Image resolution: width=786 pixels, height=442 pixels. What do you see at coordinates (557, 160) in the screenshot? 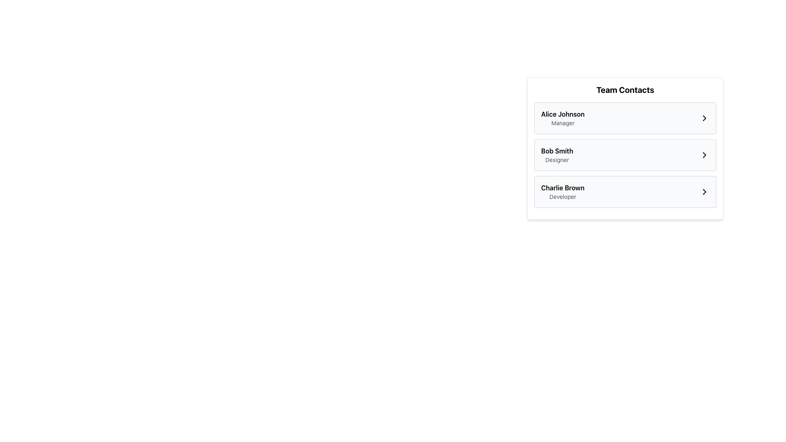
I see `text label displaying 'Designer', which is a smaller gray font below 'Bob Smith'` at bounding box center [557, 160].